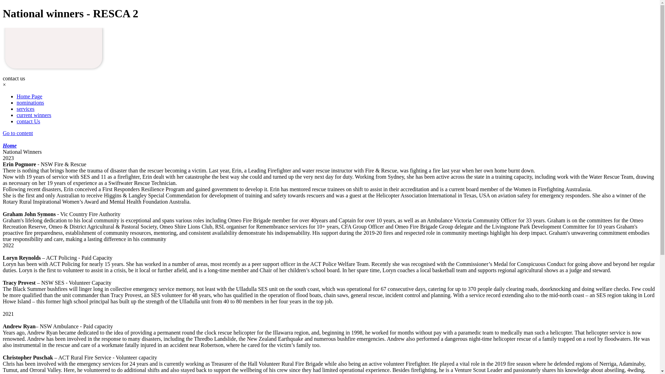  I want to click on 'nominations', so click(30, 103).